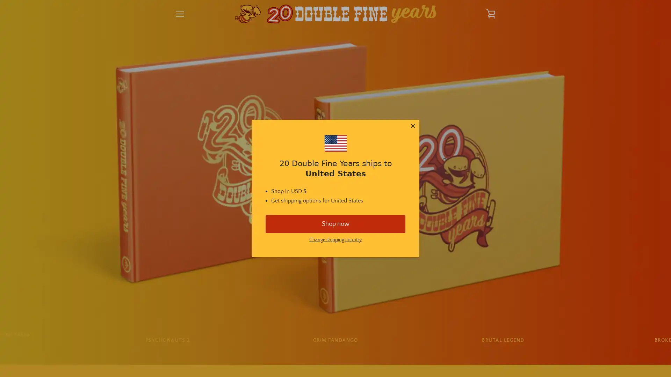 The width and height of the screenshot is (671, 377). Describe the element at coordinates (167, 340) in the screenshot. I see `SLIDE 2 PSYCHONAUTS 2` at that location.